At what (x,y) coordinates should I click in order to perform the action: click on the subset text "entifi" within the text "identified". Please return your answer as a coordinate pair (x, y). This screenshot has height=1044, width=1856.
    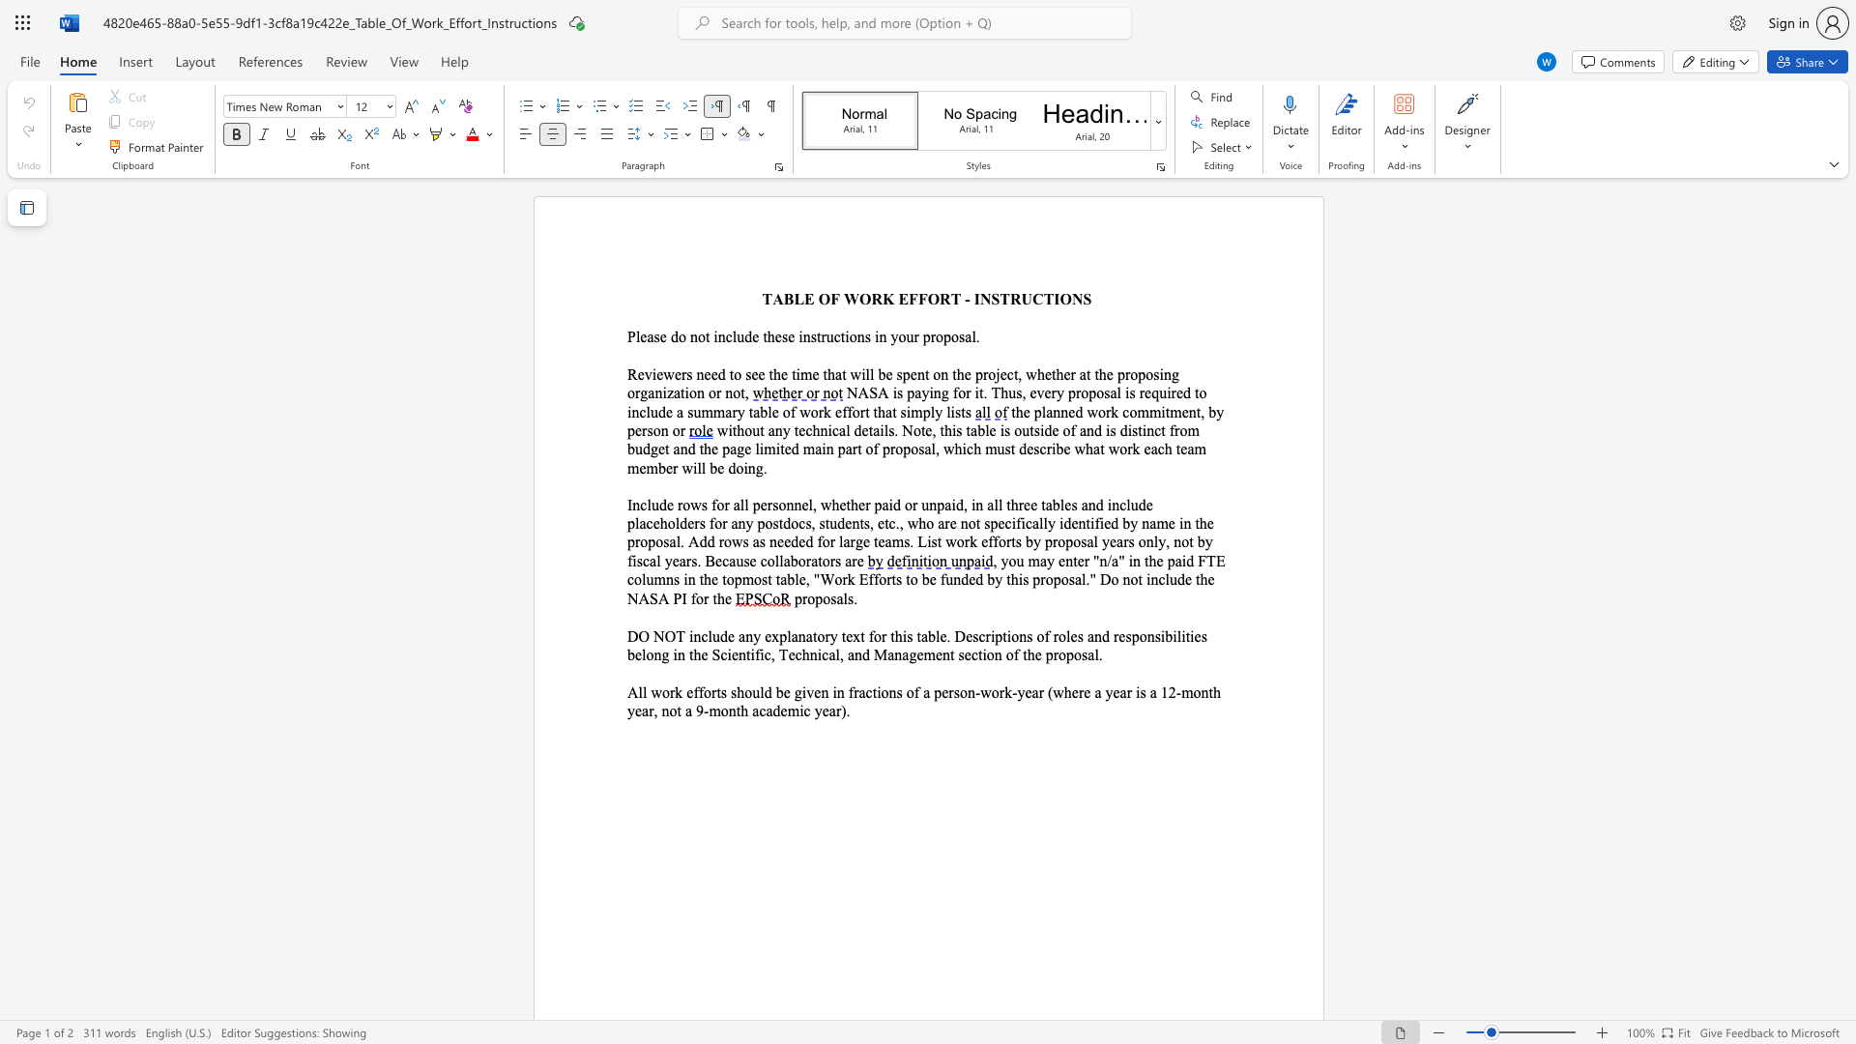
    Looking at the image, I should click on (1070, 523).